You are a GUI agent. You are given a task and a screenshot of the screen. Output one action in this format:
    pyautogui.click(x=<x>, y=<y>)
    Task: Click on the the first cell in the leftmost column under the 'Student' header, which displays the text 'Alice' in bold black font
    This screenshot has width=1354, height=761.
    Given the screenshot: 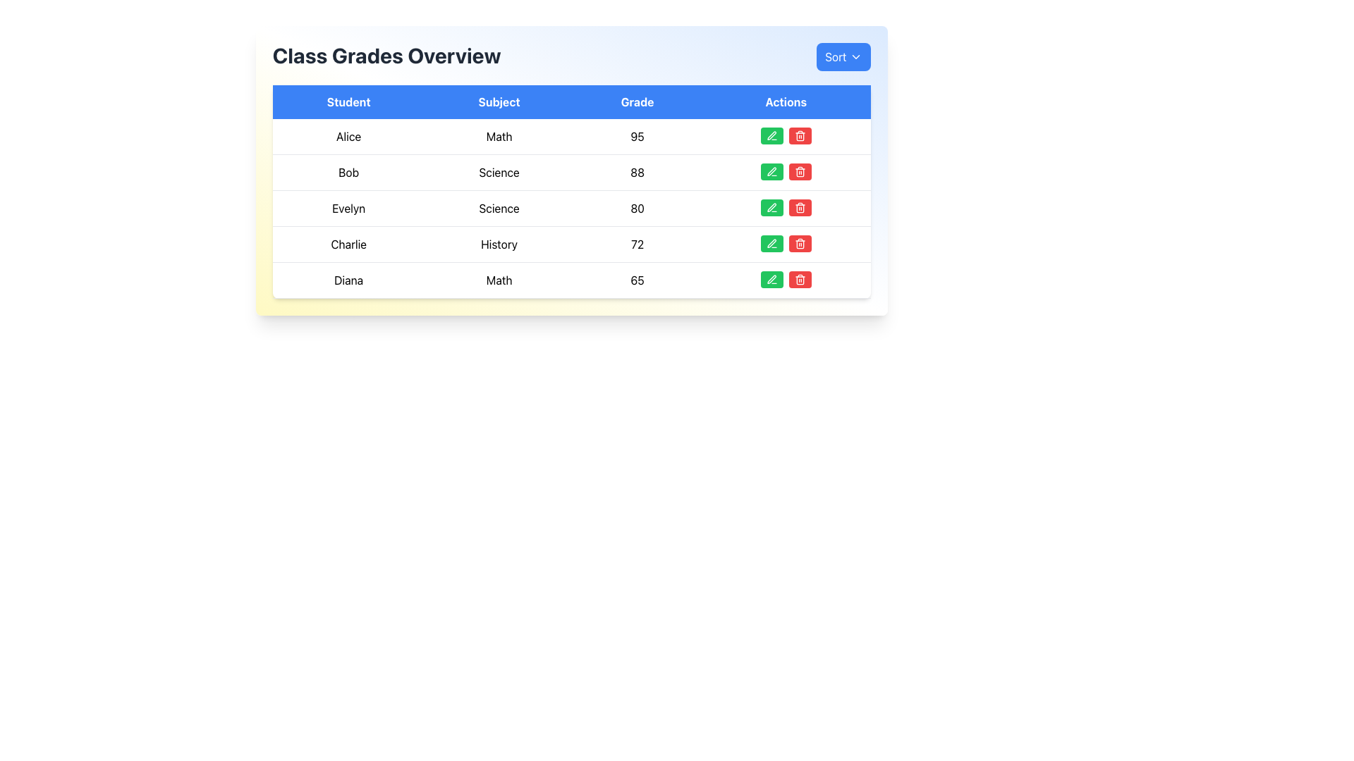 What is the action you would take?
    pyautogui.click(x=348, y=137)
    